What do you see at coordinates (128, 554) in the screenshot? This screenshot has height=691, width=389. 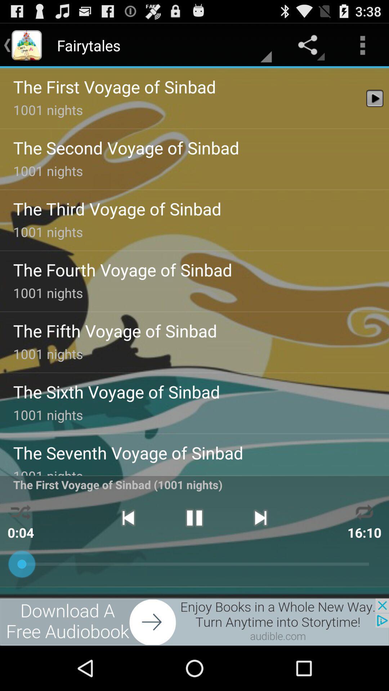 I see `the skip_previous icon` at bounding box center [128, 554].